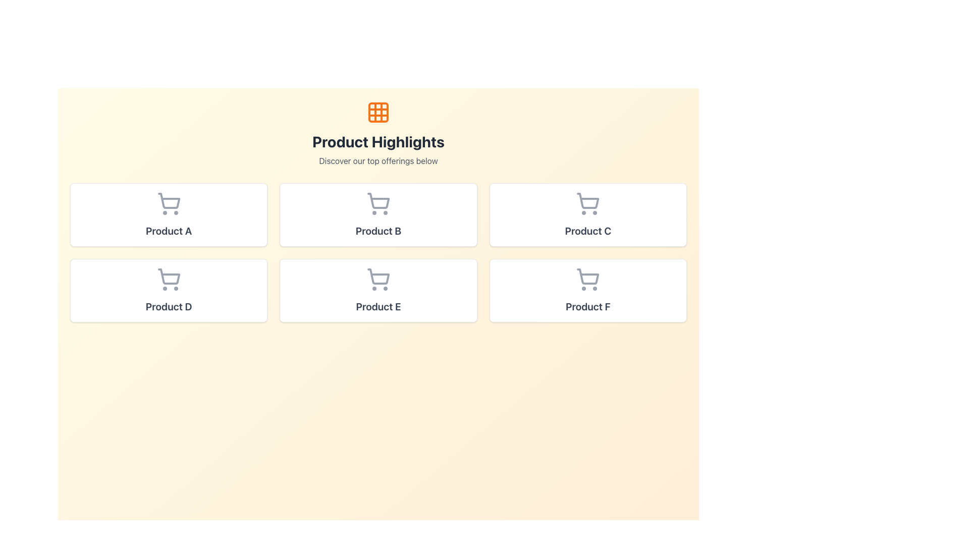 Image resolution: width=969 pixels, height=545 pixels. I want to click on the visual appearance of the add to cart icon located within the 'Product E' card, which is the third card from the left in the second row, so click(378, 277).